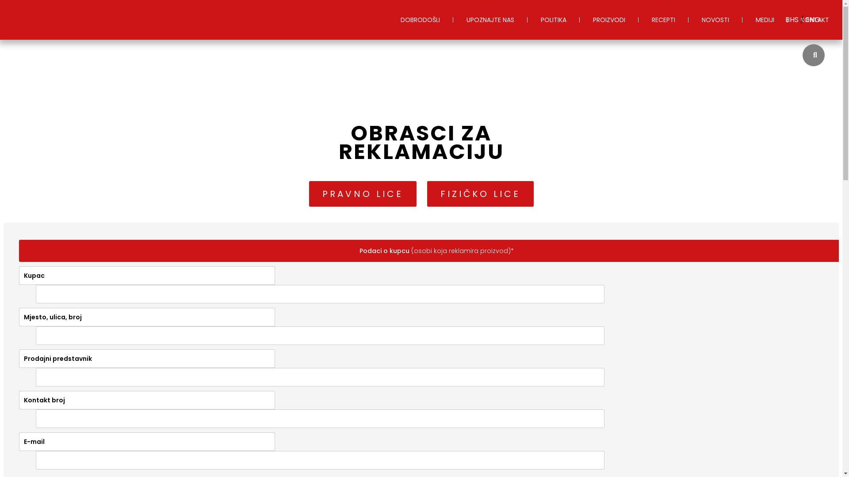  What do you see at coordinates (742, 20) in the screenshot?
I see `'MEDIJI'` at bounding box center [742, 20].